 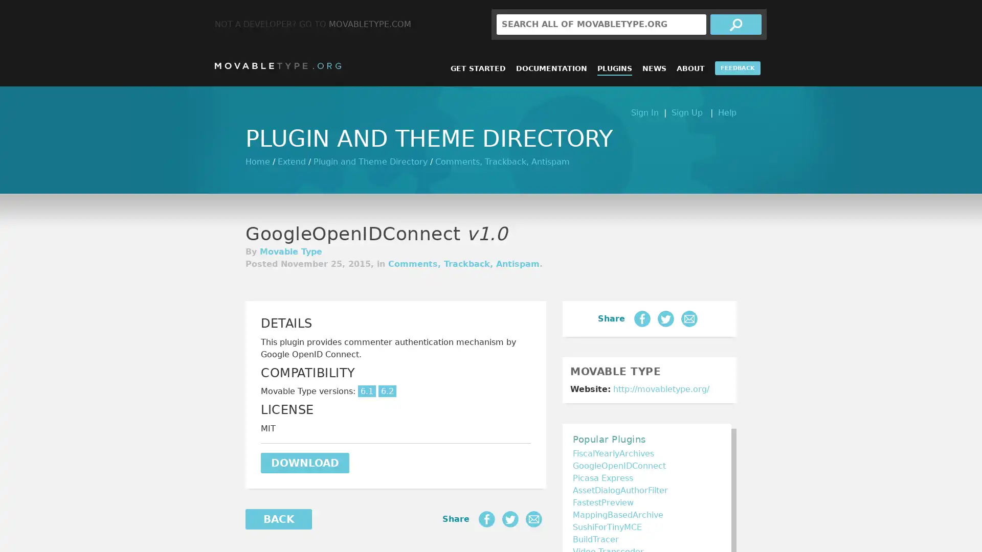 What do you see at coordinates (735, 24) in the screenshot?
I see `search` at bounding box center [735, 24].